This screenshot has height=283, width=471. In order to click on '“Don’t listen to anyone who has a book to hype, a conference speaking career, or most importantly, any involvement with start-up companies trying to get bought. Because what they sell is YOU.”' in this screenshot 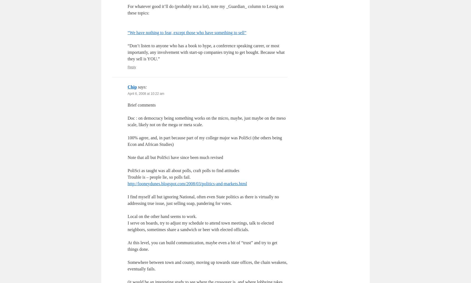, I will do `click(206, 52)`.